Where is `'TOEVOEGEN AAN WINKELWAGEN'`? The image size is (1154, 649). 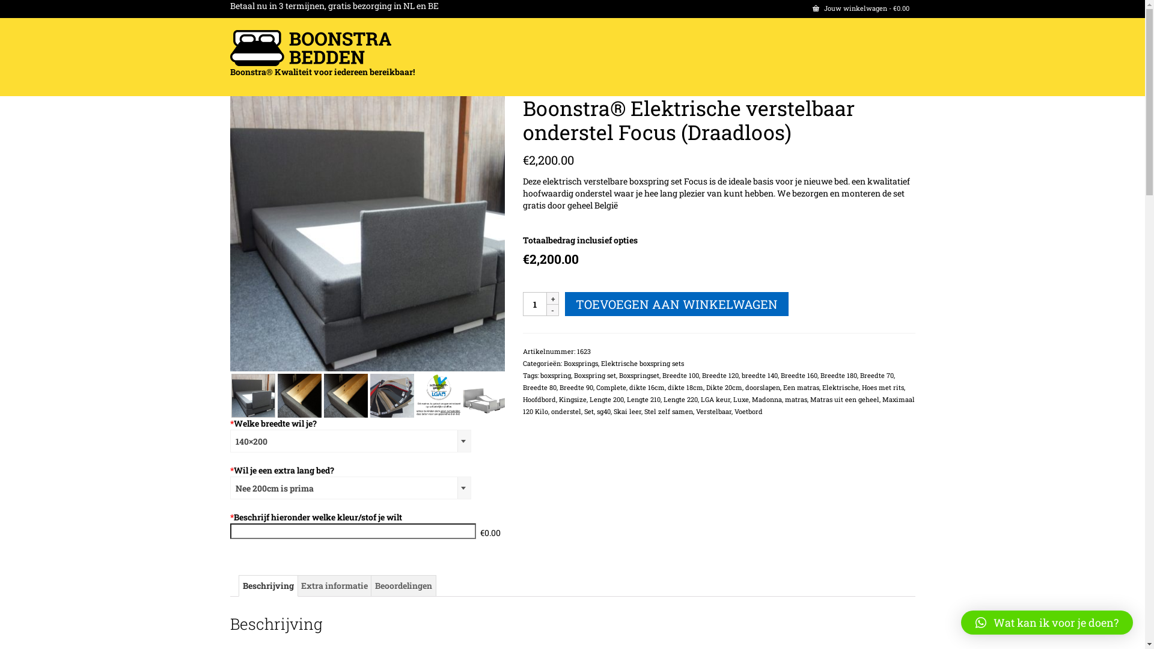
'TOEVOEGEN AAN WINKELWAGEN' is located at coordinates (677, 303).